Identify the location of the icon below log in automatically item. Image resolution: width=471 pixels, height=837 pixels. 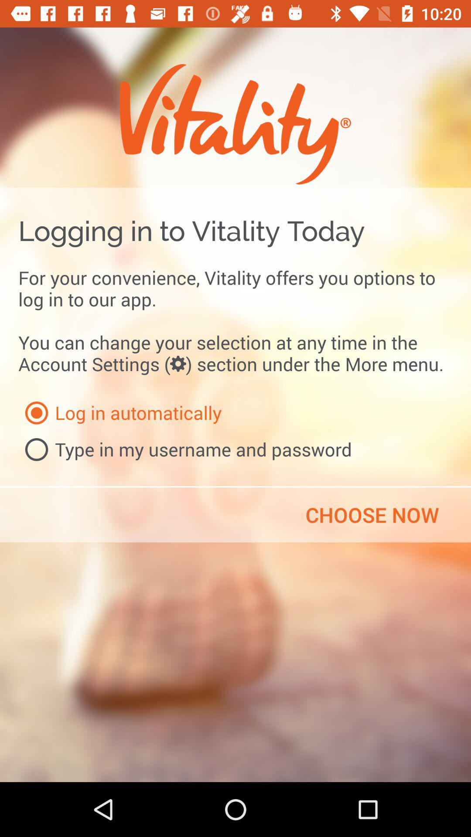
(184, 449).